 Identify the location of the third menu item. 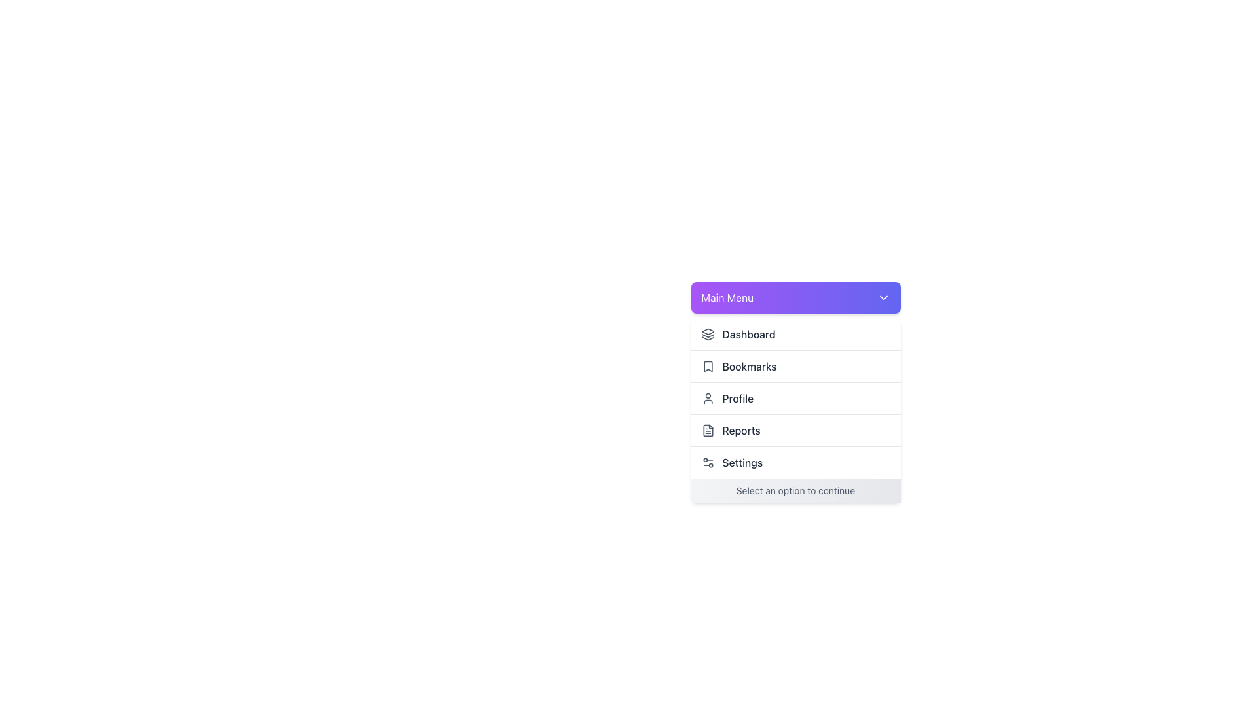
(795, 397).